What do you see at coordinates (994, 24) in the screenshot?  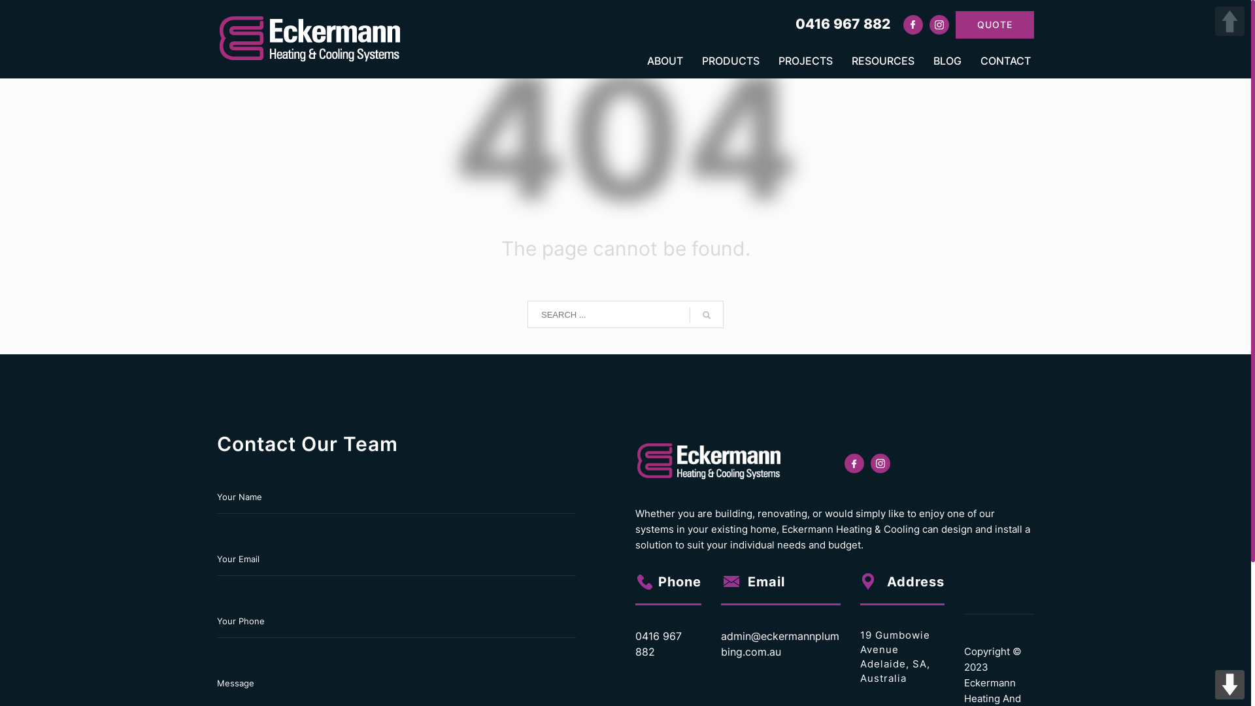 I see `'QUOTE'` at bounding box center [994, 24].